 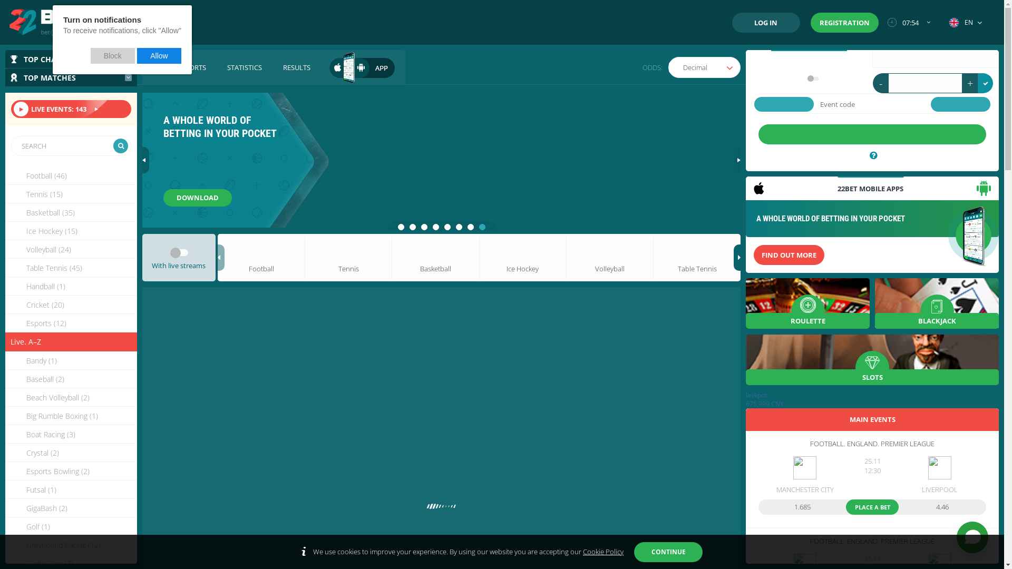 I want to click on 'Allow', so click(x=136, y=55).